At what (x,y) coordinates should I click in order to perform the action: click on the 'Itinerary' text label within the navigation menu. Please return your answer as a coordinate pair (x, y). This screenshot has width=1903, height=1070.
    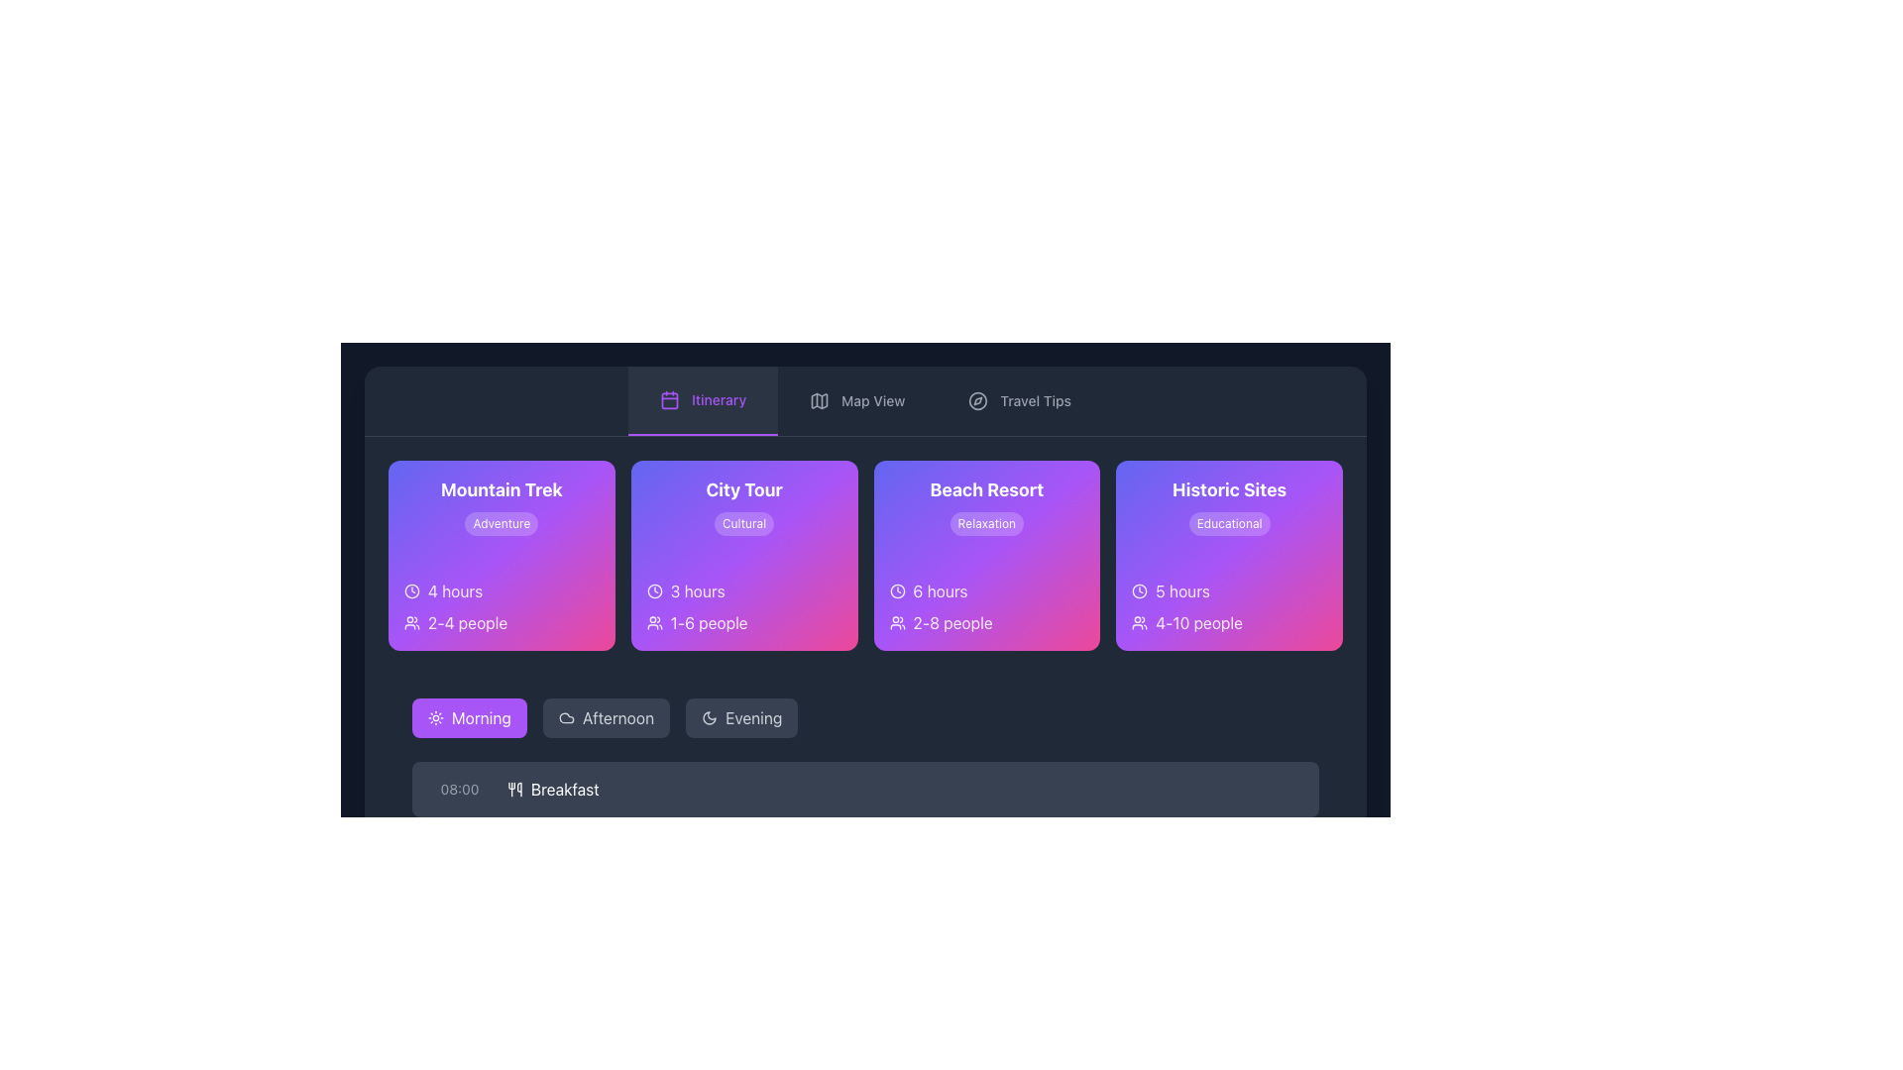
    Looking at the image, I should click on (718, 400).